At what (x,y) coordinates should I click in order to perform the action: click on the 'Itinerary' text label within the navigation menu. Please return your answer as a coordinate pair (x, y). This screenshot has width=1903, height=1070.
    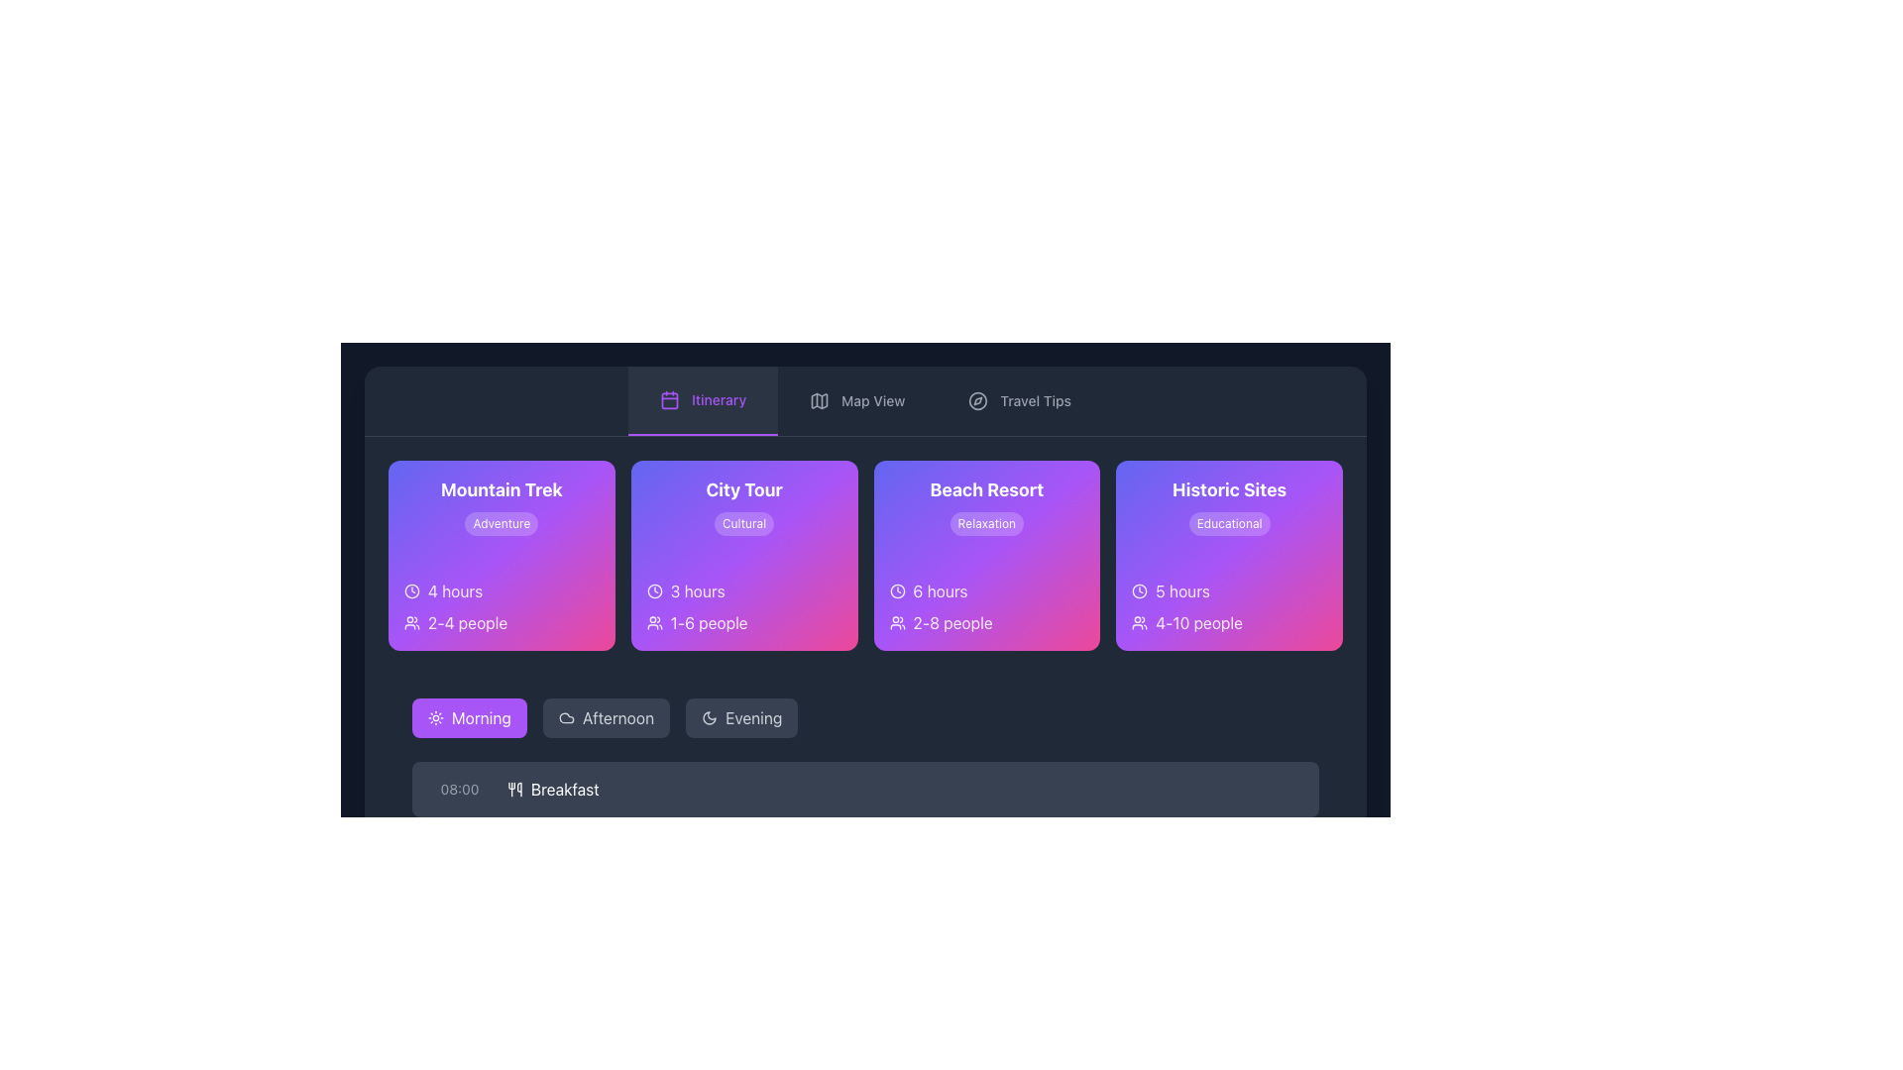
    Looking at the image, I should click on (718, 400).